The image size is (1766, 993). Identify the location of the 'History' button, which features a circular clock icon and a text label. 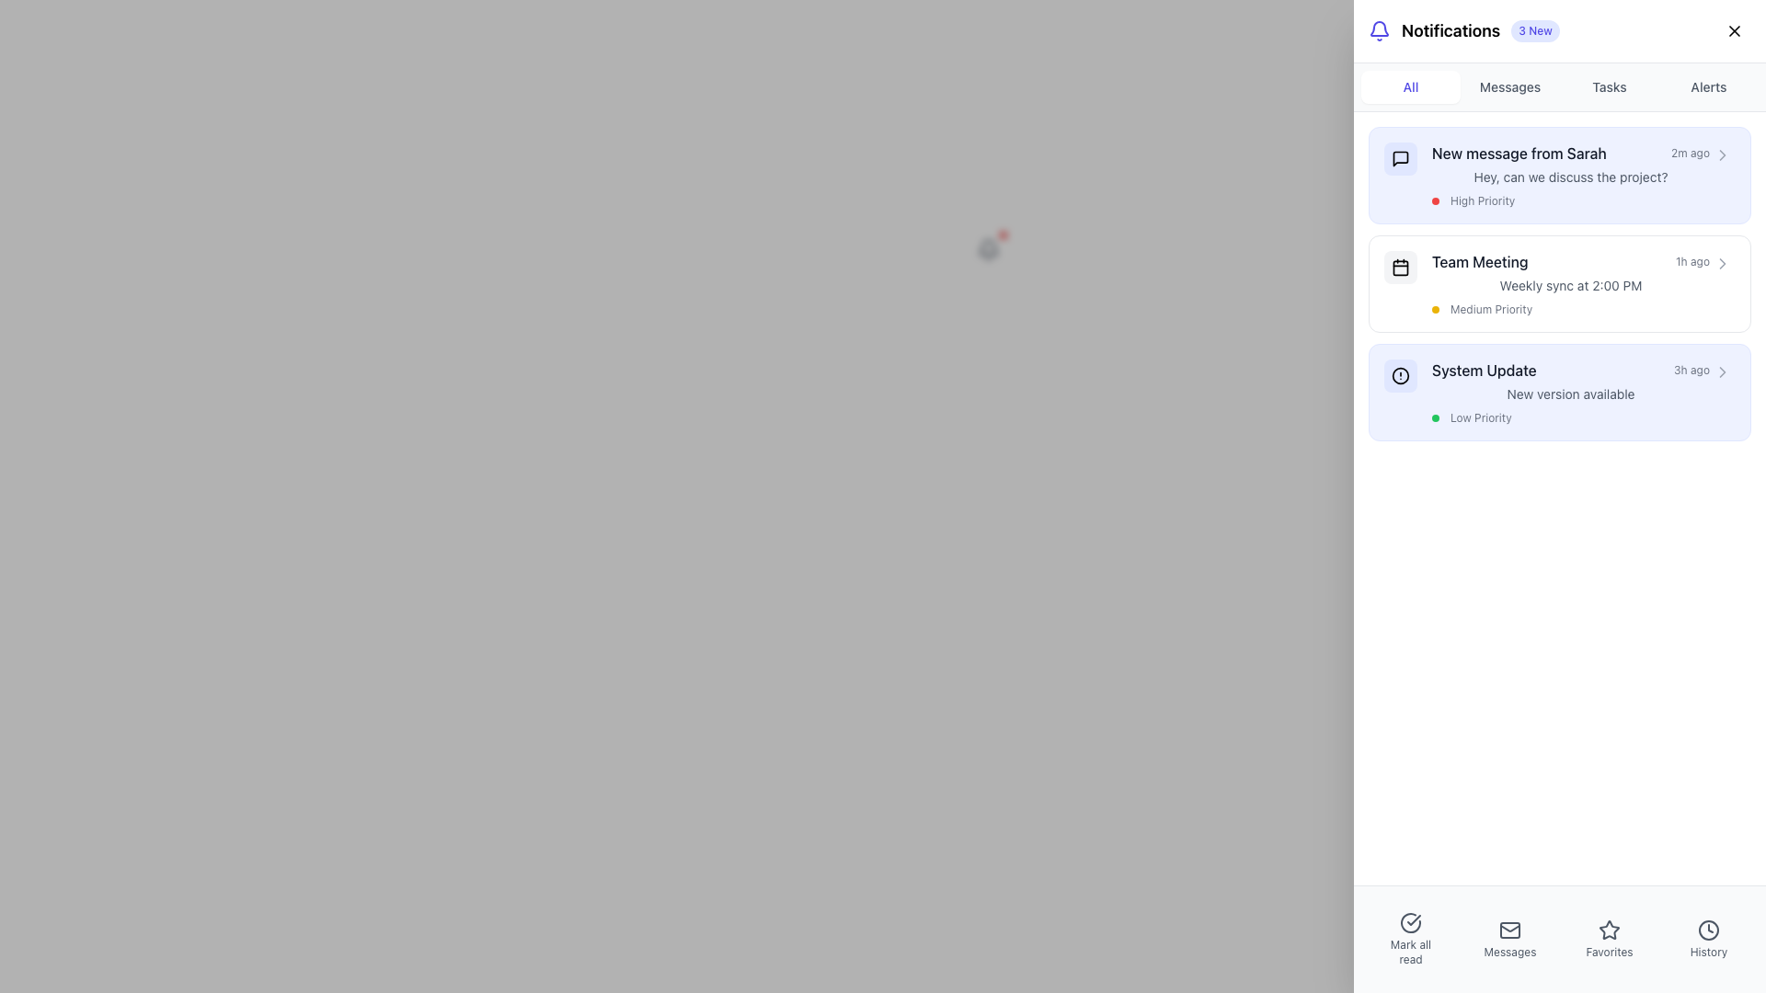
(1707, 940).